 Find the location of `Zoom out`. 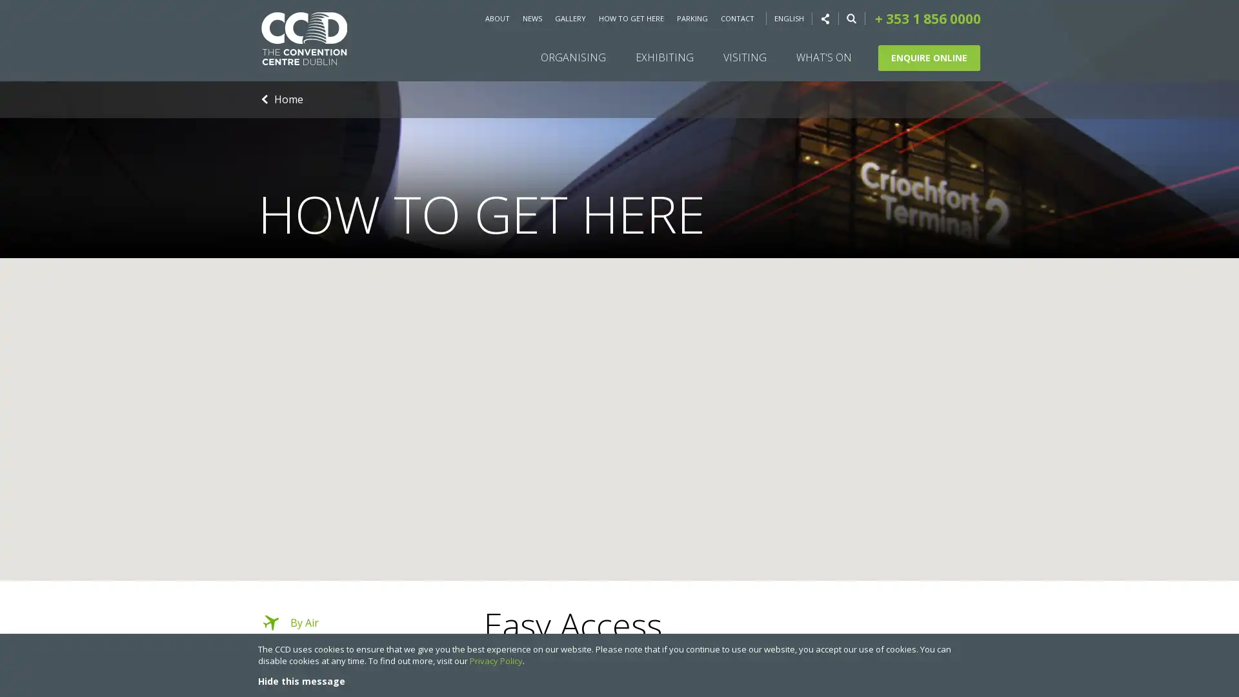

Zoom out is located at coordinates (1219, 552).